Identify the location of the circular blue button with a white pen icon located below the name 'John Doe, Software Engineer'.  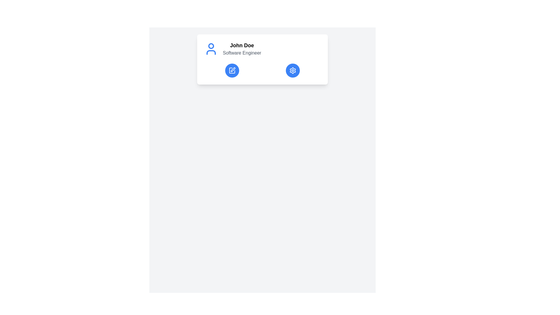
(232, 70).